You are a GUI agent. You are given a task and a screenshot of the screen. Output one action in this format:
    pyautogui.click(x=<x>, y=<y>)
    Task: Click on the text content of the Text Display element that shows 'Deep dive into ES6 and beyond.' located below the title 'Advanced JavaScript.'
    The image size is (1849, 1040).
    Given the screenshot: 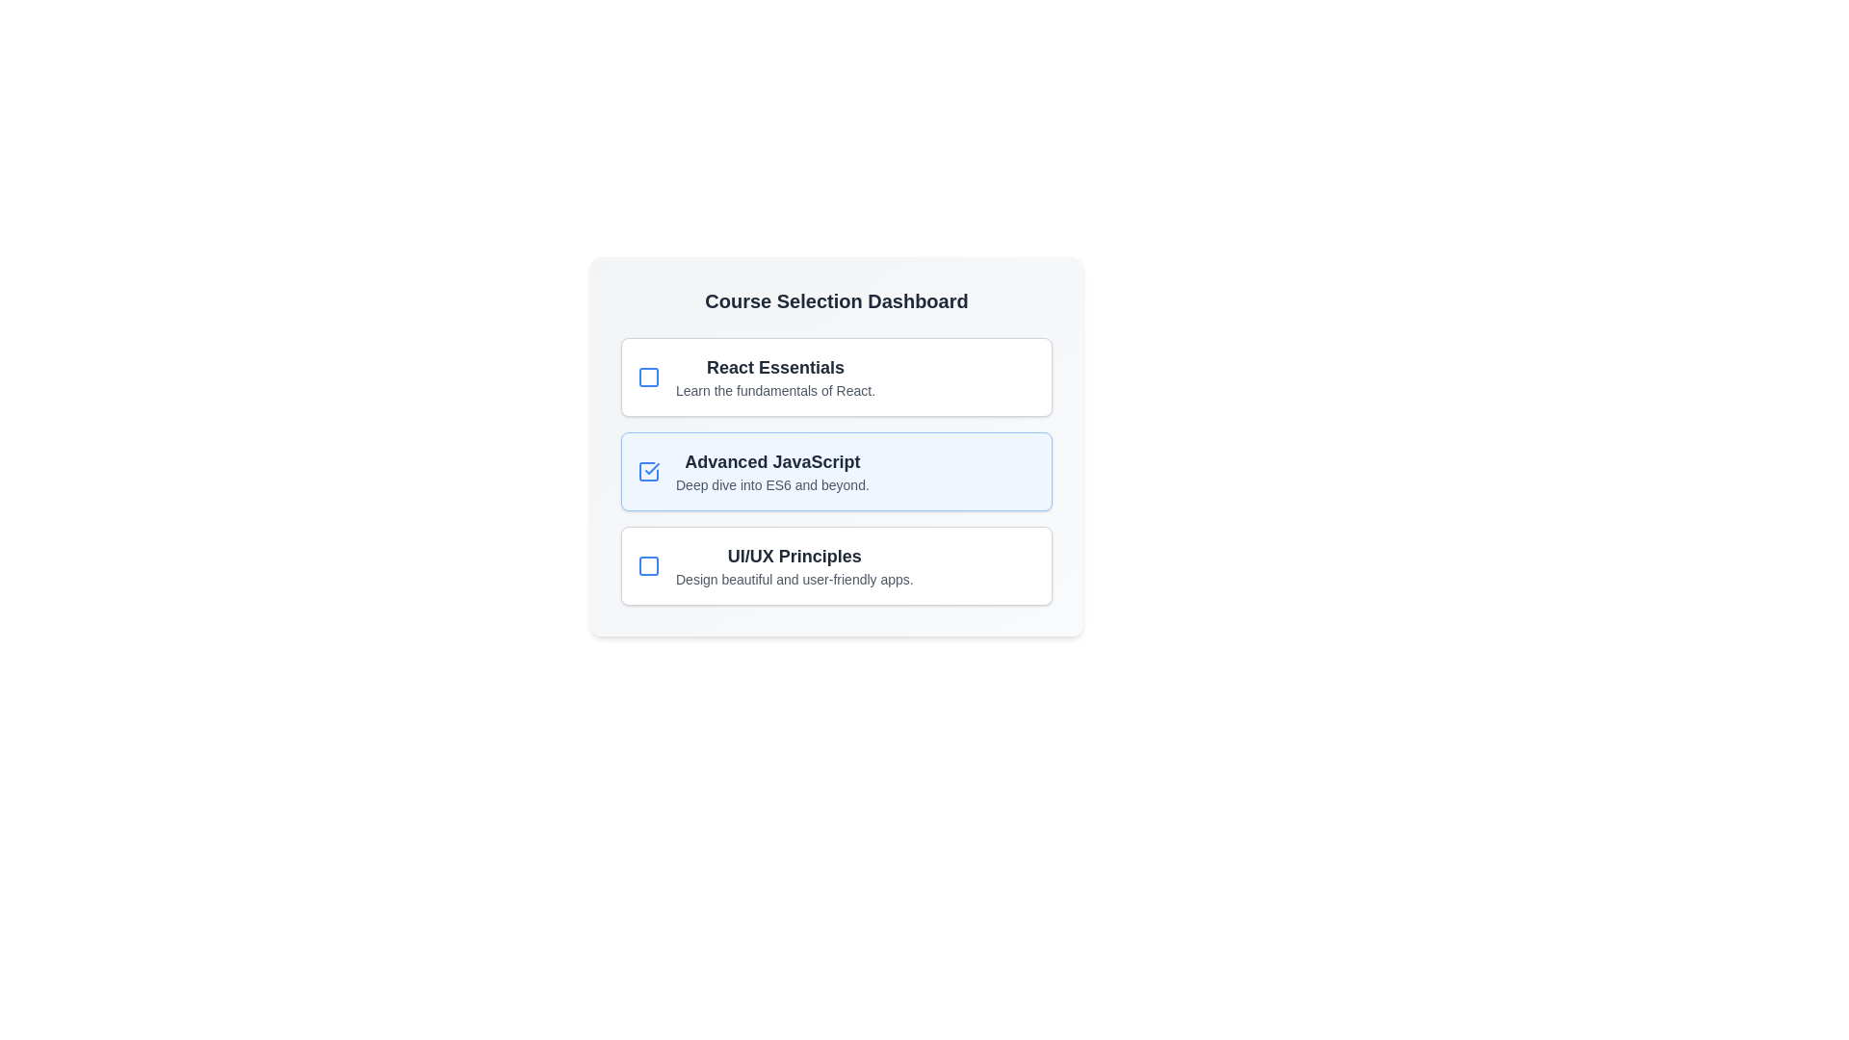 What is the action you would take?
    pyautogui.click(x=772, y=484)
    